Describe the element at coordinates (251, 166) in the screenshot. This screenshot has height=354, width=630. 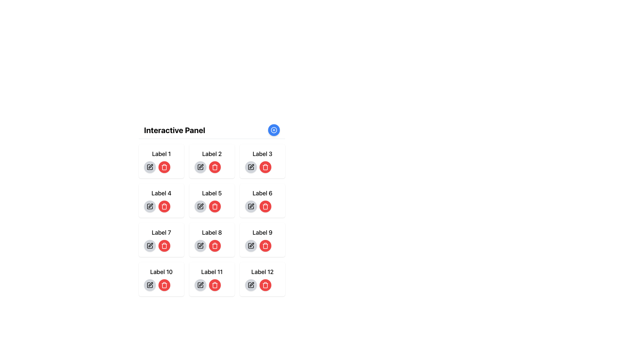
I see `the tool icon button located in the top-right corner of the 'Label 6' module` at that location.